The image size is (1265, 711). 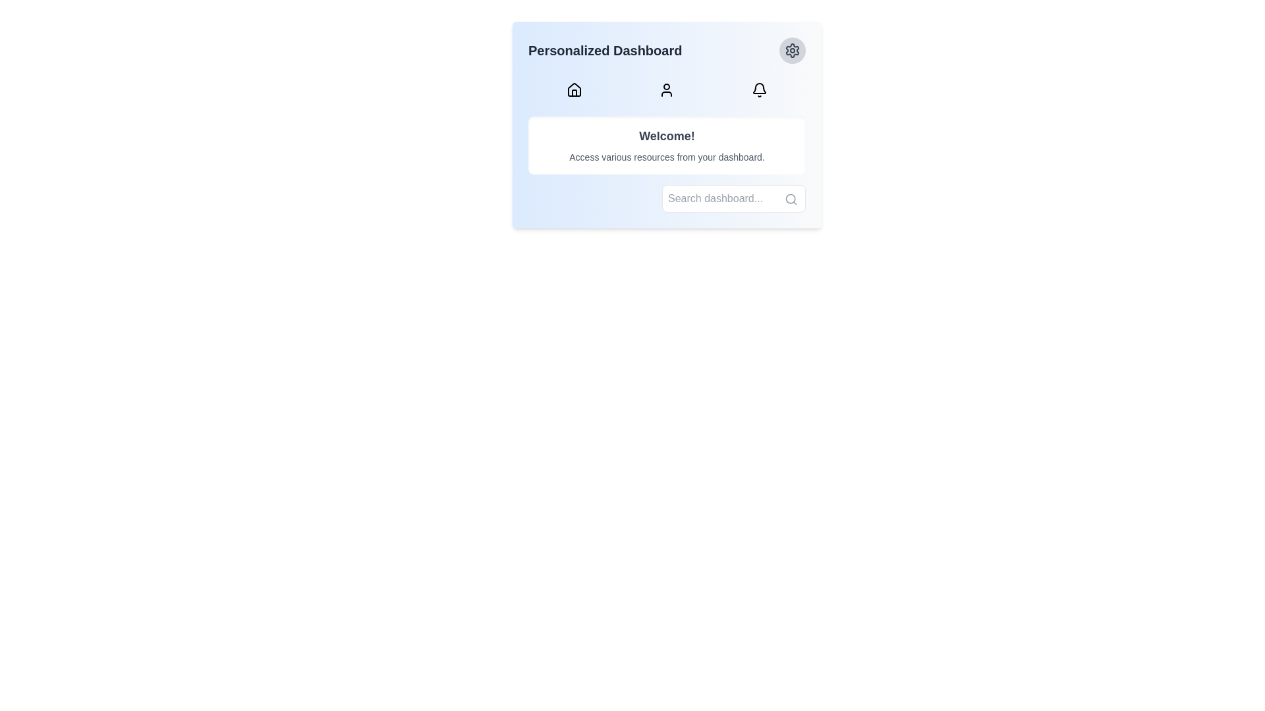 What do you see at coordinates (733, 198) in the screenshot?
I see `the search icon located to the right of the search text input field with placeholder text 'Search dashboard...' in the bottom-right corner of its enclosing card layout` at bounding box center [733, 198].